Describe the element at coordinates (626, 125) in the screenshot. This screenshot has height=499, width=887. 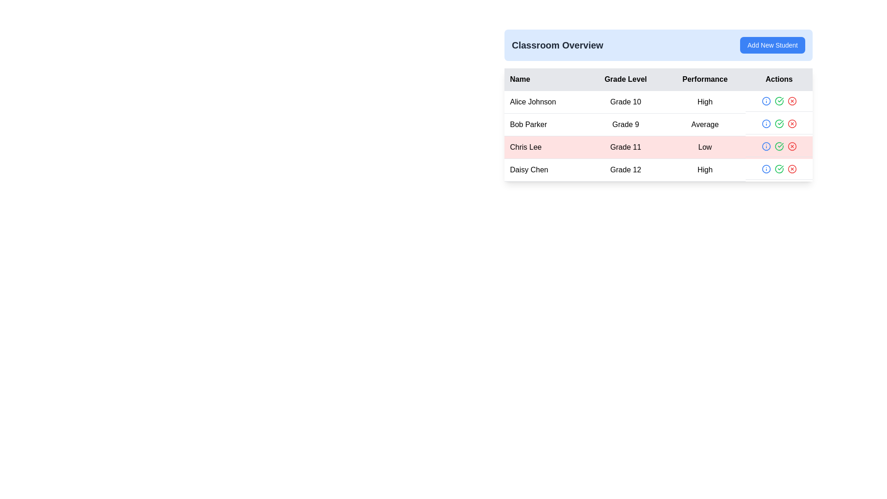
I see `the text label that displays 'Grade 9' in black font, located in the second row and second column of the table under the 'Grade Level' header, adjacent to 'Bob Parker'` at that location.